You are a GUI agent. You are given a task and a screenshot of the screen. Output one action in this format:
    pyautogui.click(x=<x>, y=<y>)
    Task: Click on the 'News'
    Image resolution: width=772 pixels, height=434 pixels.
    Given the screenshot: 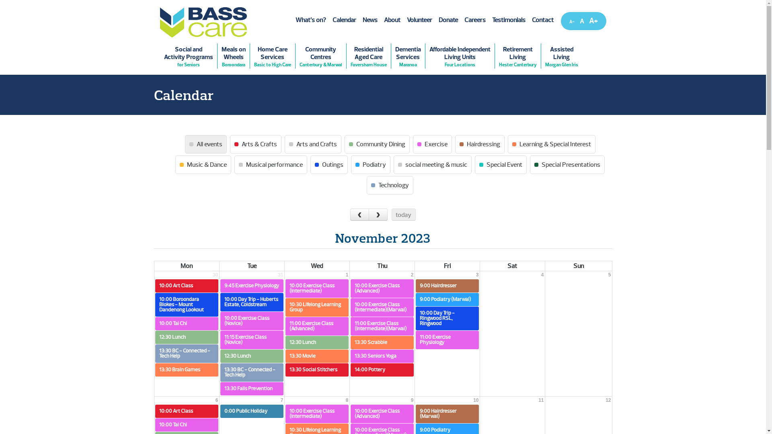 What is the action you would take?
    pyautogui.click(x=370, y=20)
    